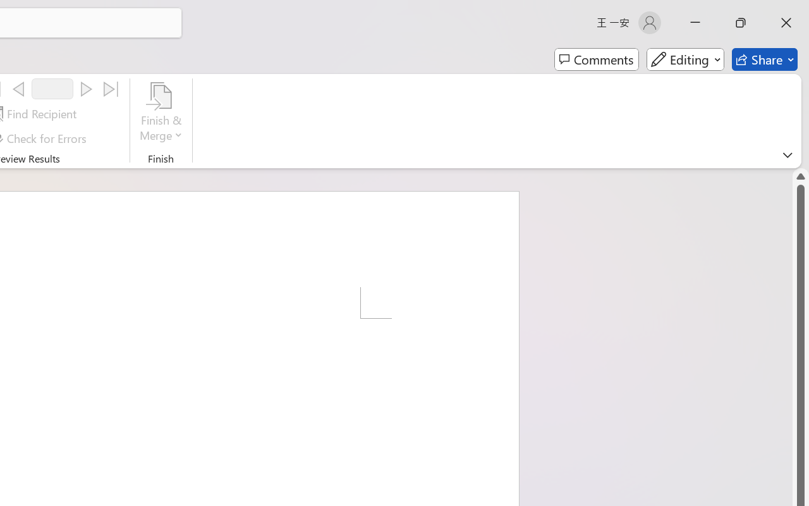  Describe the element at coordinates (85, 89) in the screenshot. I see `'Next'` at that location.